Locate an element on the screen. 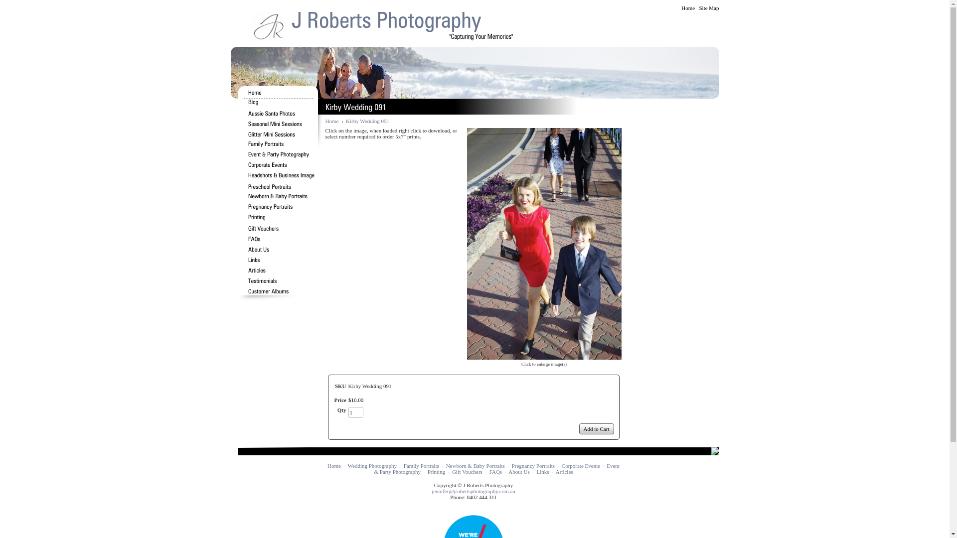  'Wedding Photography' is located at coordinates (372, 465).